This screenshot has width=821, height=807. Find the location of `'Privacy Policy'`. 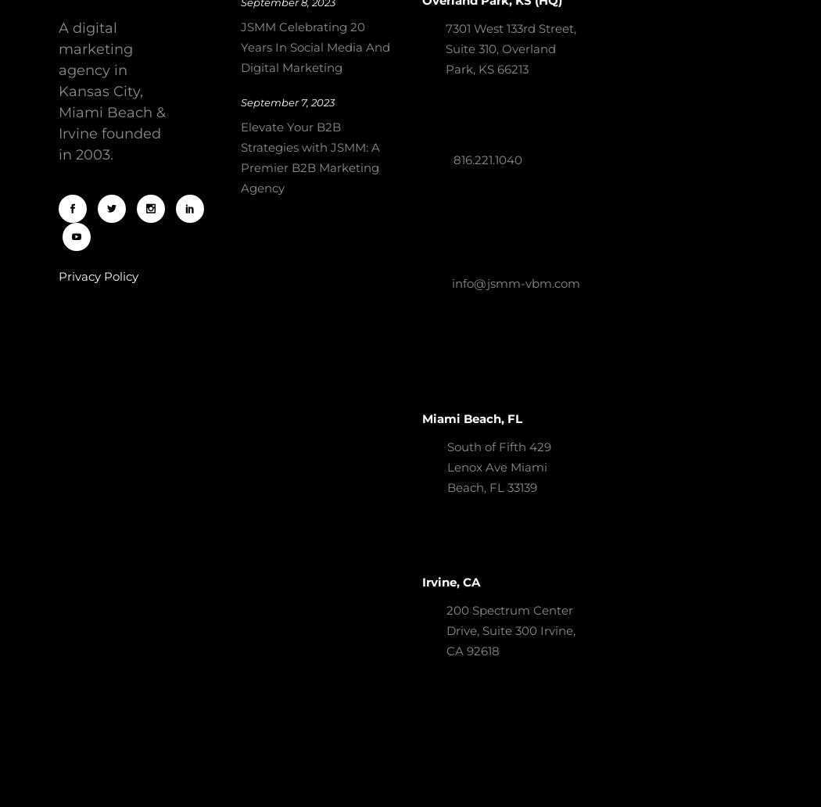

'Privacy Policy' is located at coordinates (98, 275).